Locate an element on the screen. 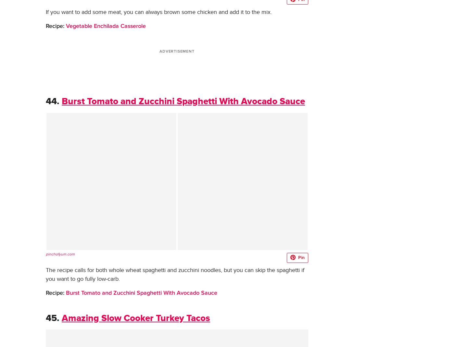 The width and height of the screenshot is (471, 347). '45.' is located at coordinates (52, 318).